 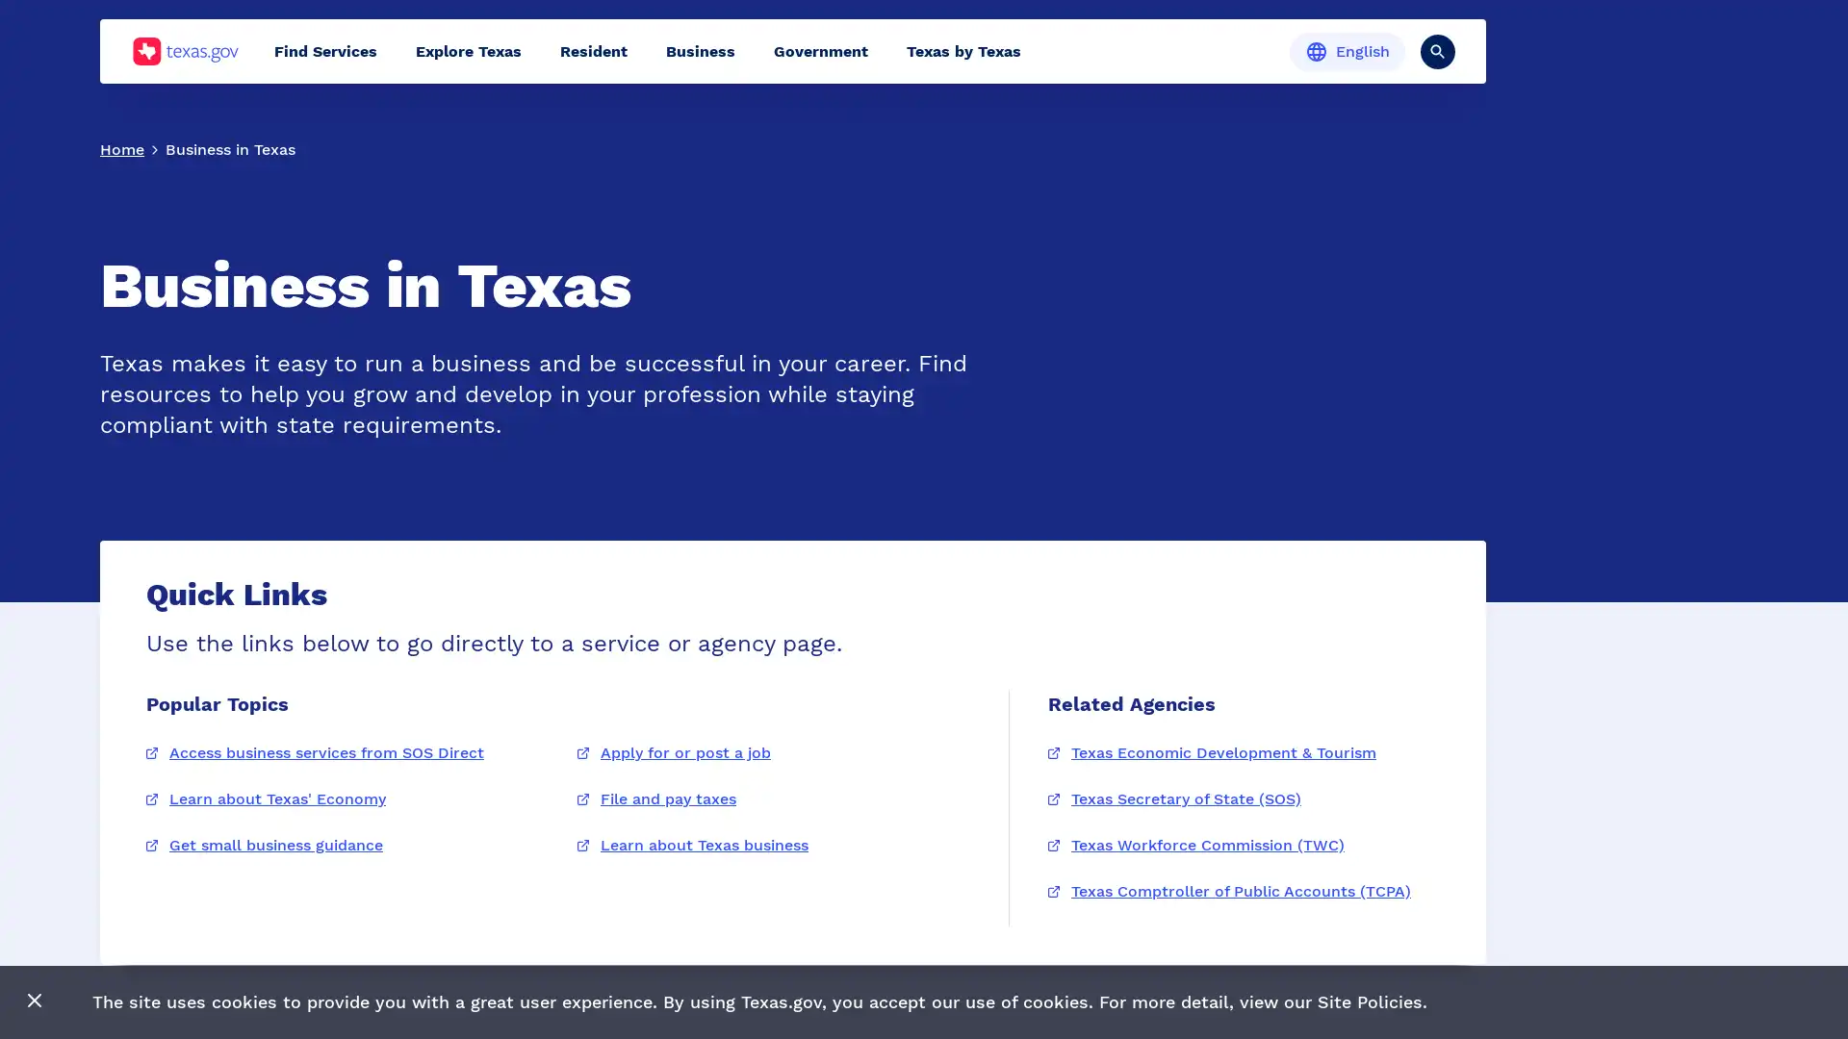 What do you see at coordinates (325, 50) in the screenshot?
I see `Find Services` at bounding box center [325, 50].